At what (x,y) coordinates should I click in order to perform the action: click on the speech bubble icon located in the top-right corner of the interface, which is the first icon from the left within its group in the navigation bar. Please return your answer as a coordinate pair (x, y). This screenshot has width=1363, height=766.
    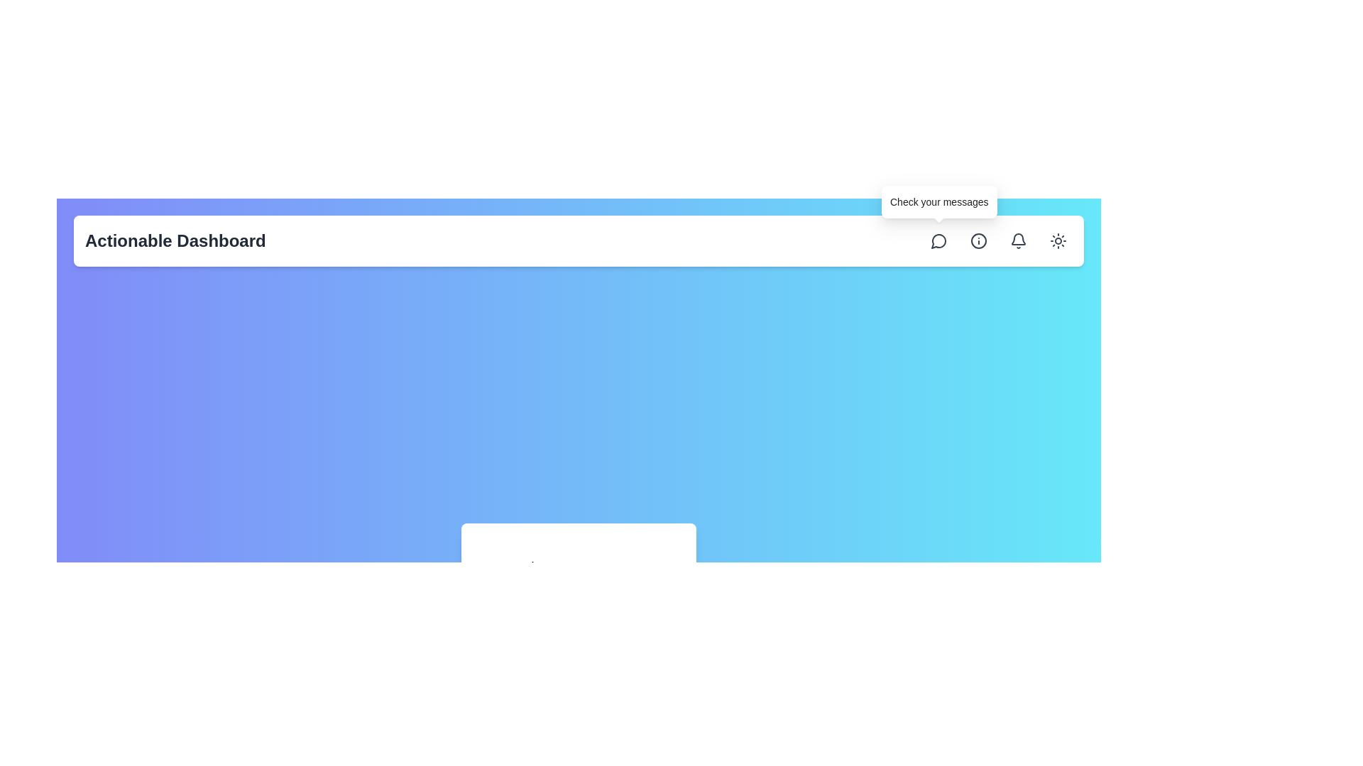
    Looking at the image, I should click on (938, 240).